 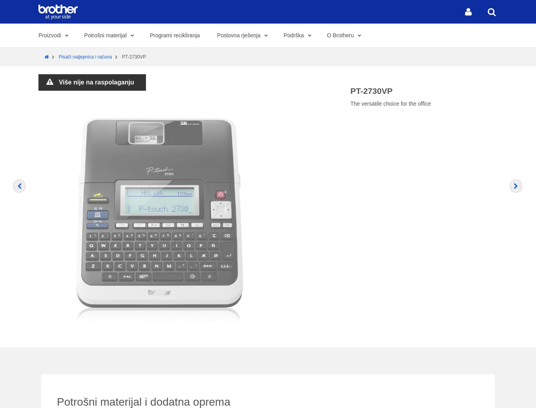 What do you see at coordinates (124, 400) in the screenshot?
I see `'Preuzmite i instalirajte najnovije upravljačke programe i softver za Brother proizvode'` at bounding box center [124, 400].